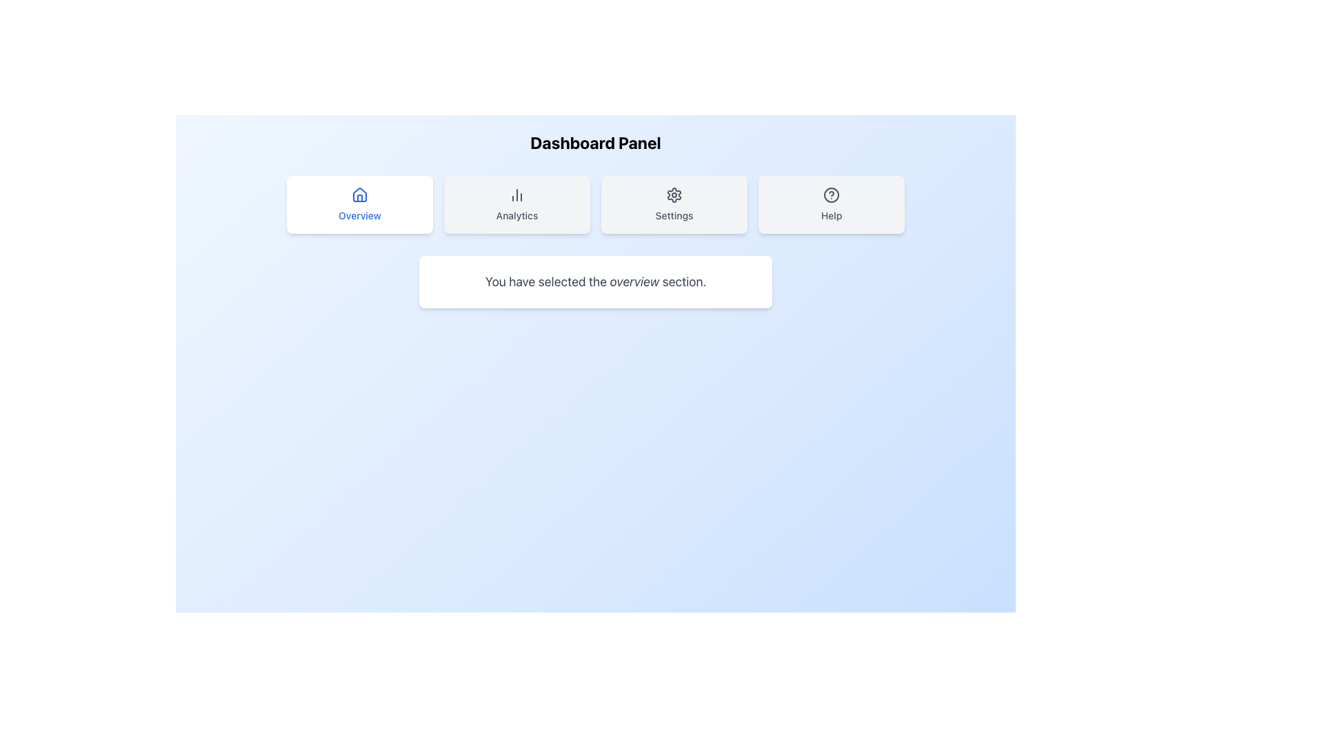  I want to click on the 'Overview' button located in the upper-left segment of the grid layout to trigger the hover effect, so click(360, 205).